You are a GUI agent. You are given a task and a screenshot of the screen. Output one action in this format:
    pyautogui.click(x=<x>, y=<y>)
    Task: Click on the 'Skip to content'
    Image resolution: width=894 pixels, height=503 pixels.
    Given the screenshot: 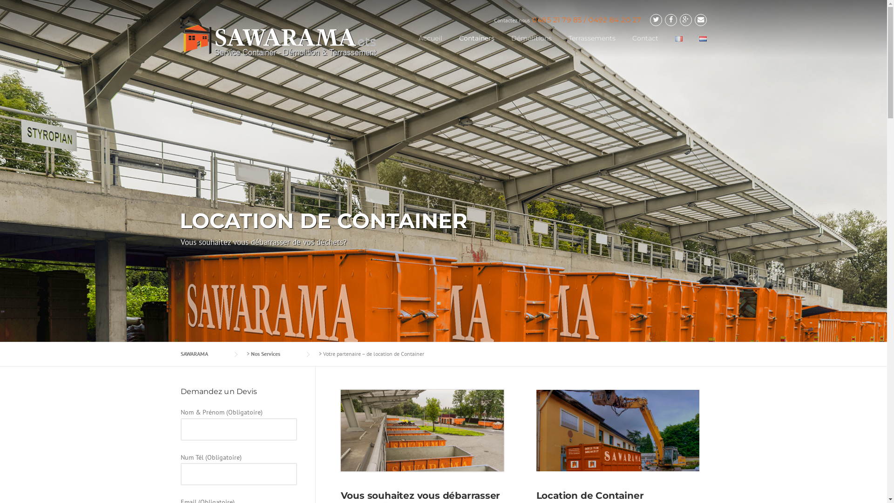 What is the action you would take?
    pyautogui.click(x=0, y=0)
    